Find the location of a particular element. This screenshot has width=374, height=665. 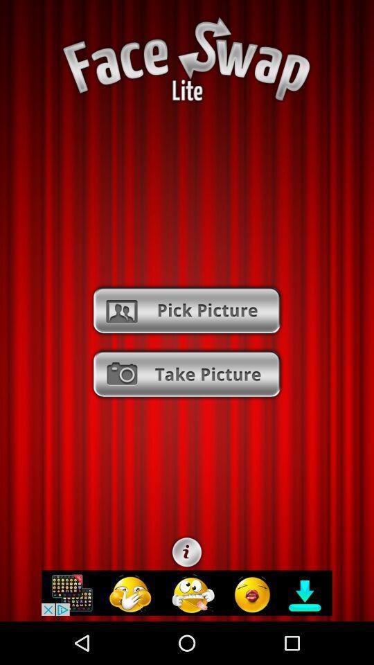

take picture is located at coordinates (186, 373).